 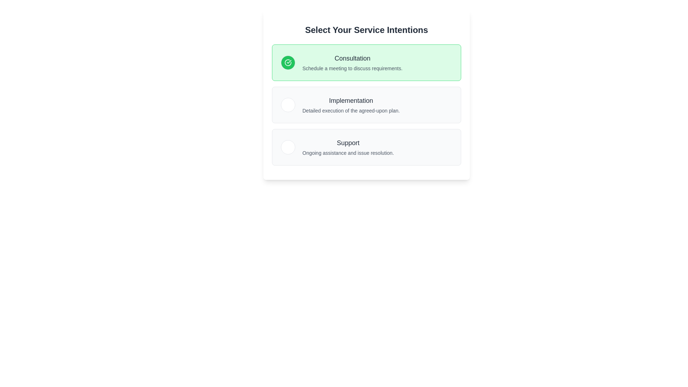 What do you see at coordinates (348, 147) in the screenshot?
I see `the text block labeled 'Support' which contains descriptive content about ongoing assistance and issue resolution, positioned in the third row beneath 'Implementation'` at bounding box center [348, 147].